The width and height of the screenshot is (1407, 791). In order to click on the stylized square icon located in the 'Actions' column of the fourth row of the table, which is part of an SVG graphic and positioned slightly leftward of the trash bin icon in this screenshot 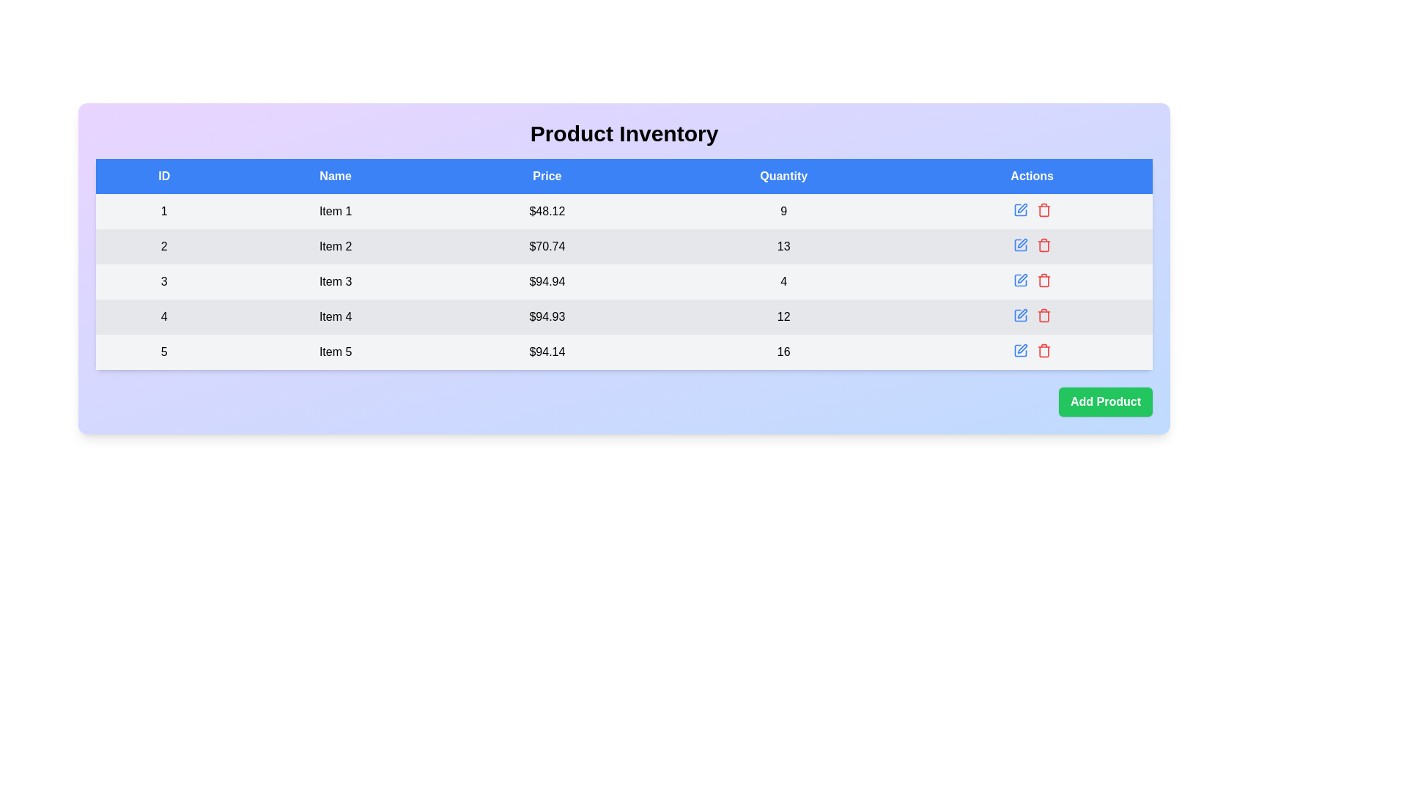, I will do `click(1019, 280)`.